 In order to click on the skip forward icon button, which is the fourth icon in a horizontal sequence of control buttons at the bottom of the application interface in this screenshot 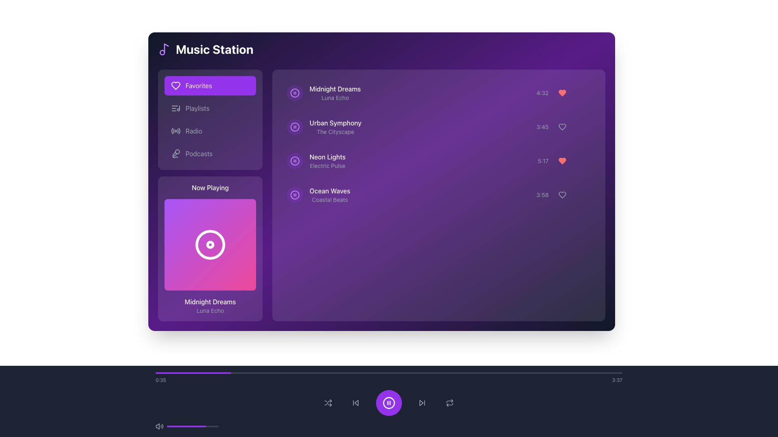, I will do `click(421, 403)`.